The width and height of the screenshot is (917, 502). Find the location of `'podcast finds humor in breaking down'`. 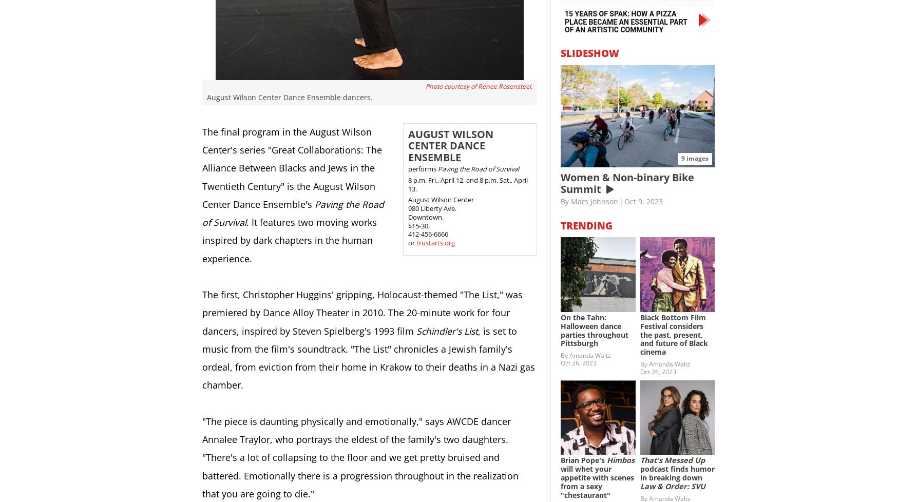

'podcast finds humor in breaking down' is located at coordinates (639, 472).